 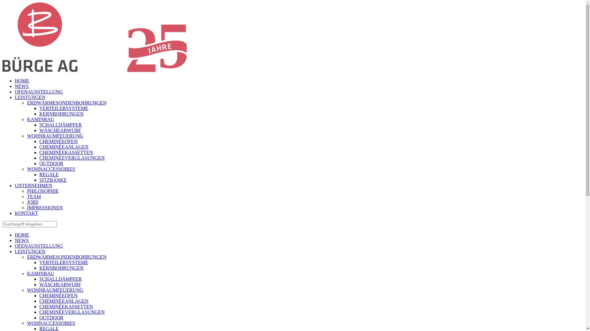 What do you see at coordinates (15, 80) in the screenshot?
I see `'HOME'` at bounding box center [15, 80].